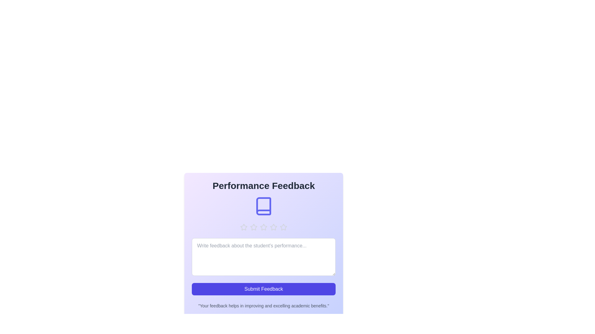 The height and width of the screenshot is (334, 595). What do you see at coordinates (244, 227) in the screenshot?
I see `the star corresponding to 1 to set the rating` at bounding box center [244, 227].